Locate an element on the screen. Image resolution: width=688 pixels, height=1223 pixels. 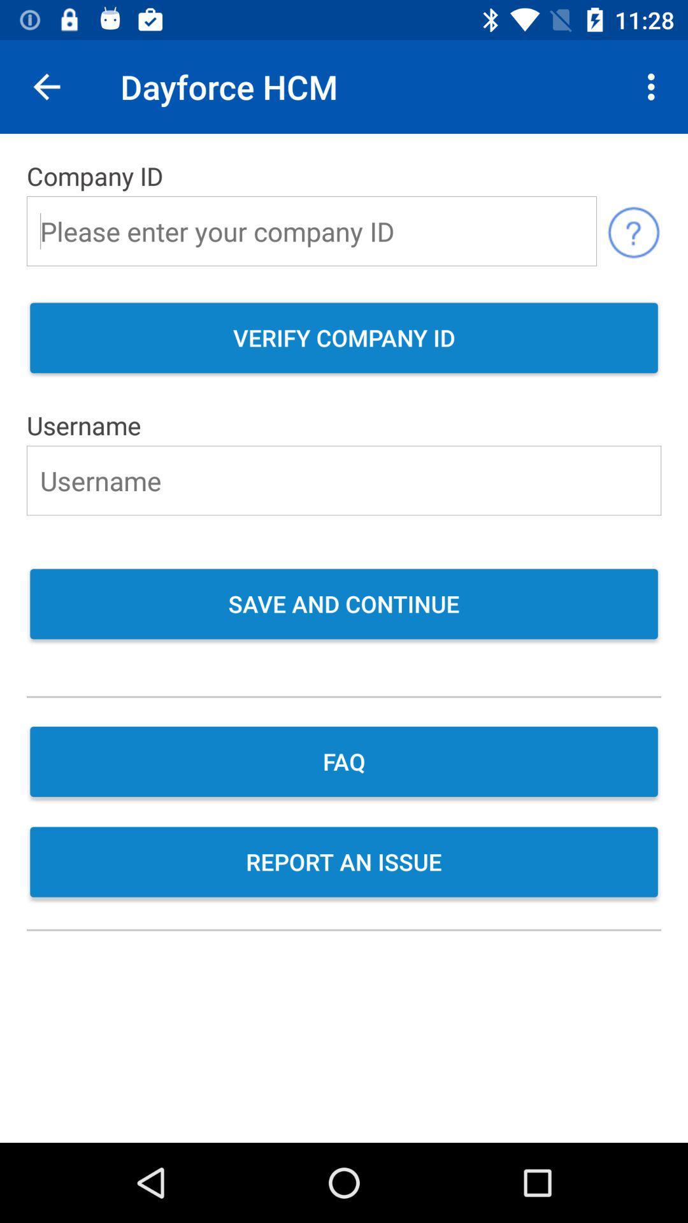
the icon next to dayforce hcm icon is located at coordinates (46, 86).